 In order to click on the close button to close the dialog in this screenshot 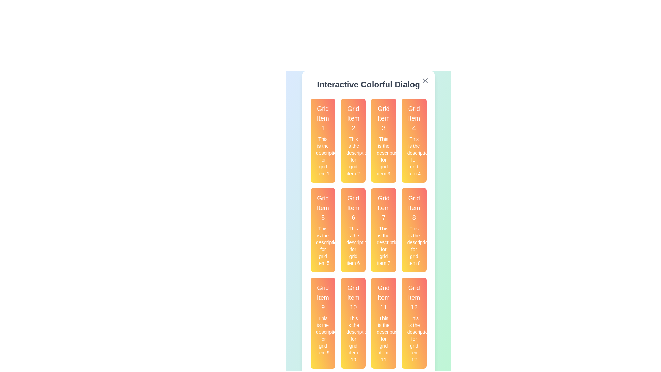, I will do `click(424, 80)`.